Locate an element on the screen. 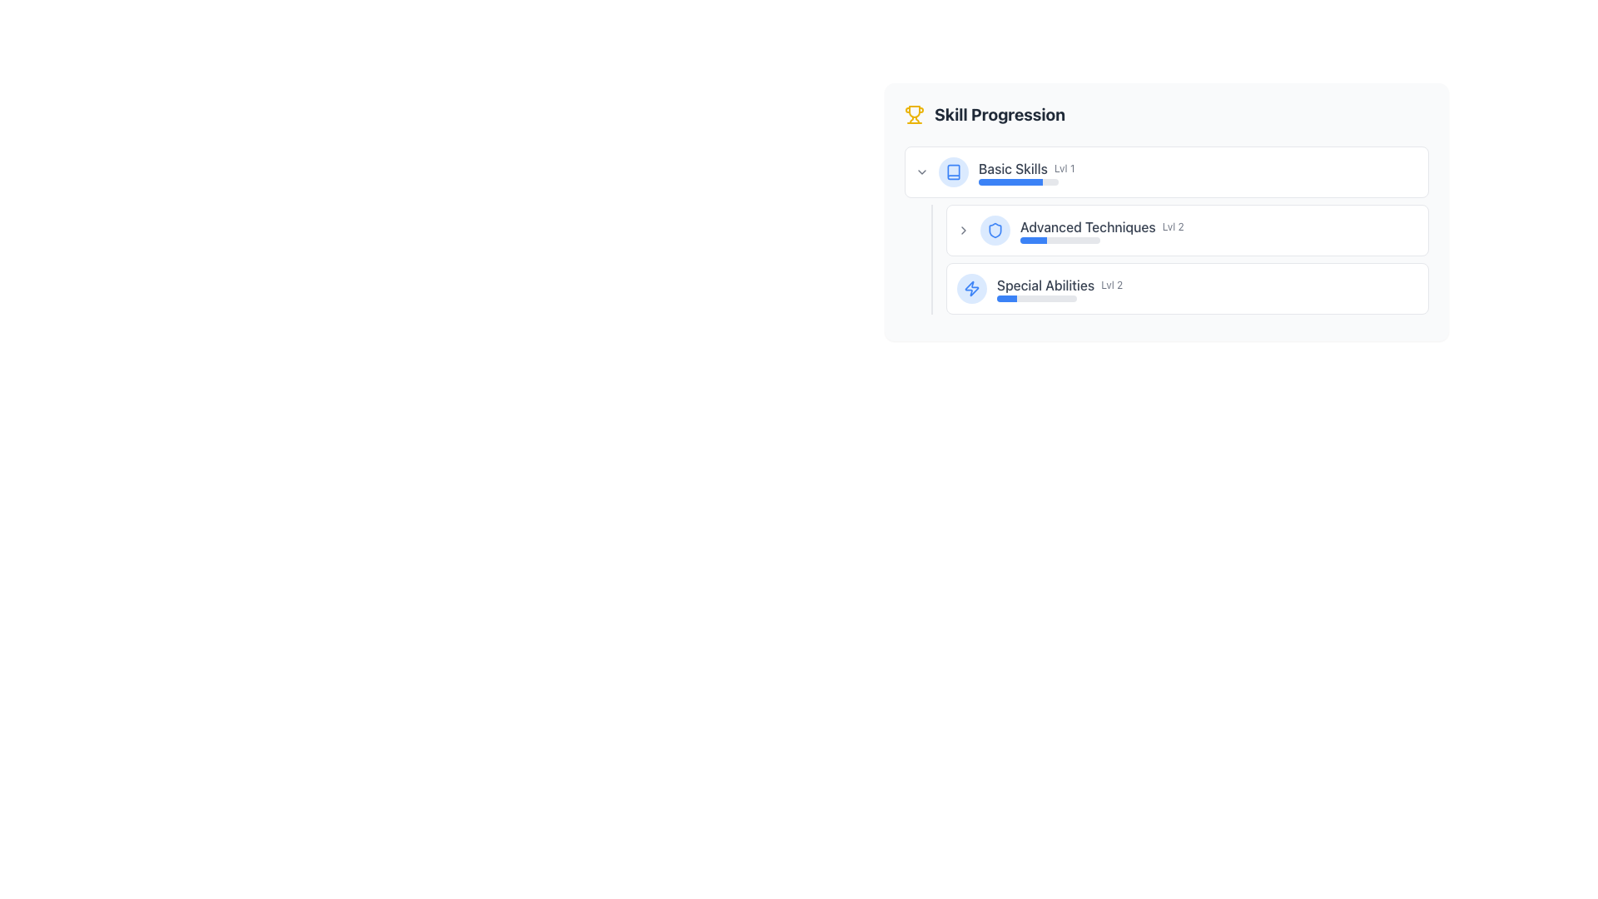 Image resolution: width=1598 pixels, height=899 pixels. the Progress Bar representing 80% completion located below the text 'Basic Skills Lvl 1' in the 'Skill Progression' panel is located at coordinates (1018, 182).